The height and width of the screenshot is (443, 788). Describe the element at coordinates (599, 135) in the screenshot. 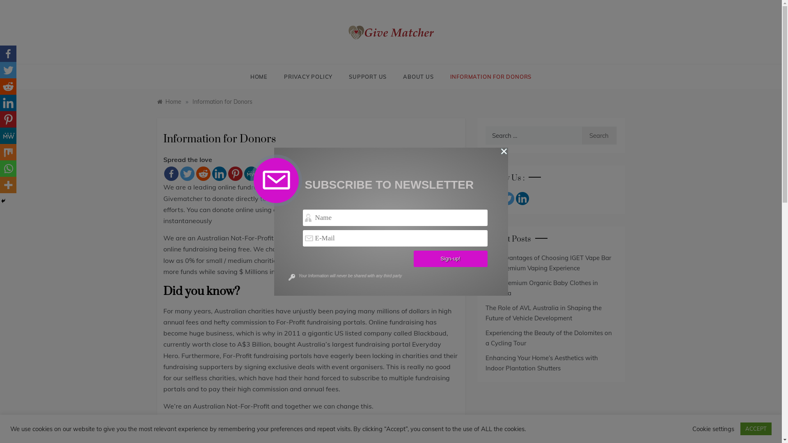

I see `'Search'` at that location.